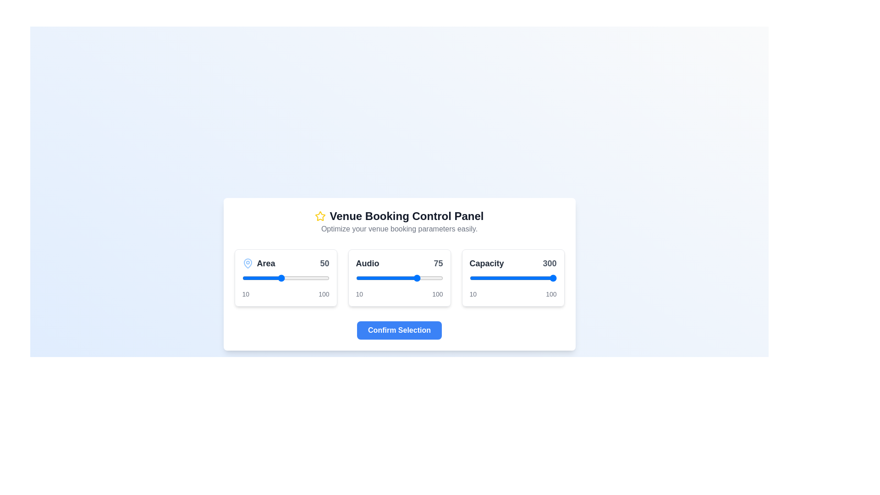 This screenshot has width=880, height=495. Describe the element at coordinates (399, 330) in the screenshot. I see `the confirmation button located at the bottom of the 'Venue Booking Control Panel' card to observe the hover effect` at that location.